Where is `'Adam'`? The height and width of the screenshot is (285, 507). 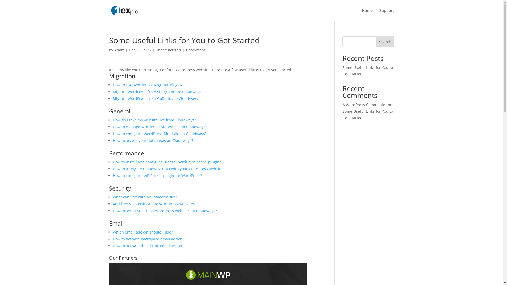
'Adam' is located at coordinates (114, 50).